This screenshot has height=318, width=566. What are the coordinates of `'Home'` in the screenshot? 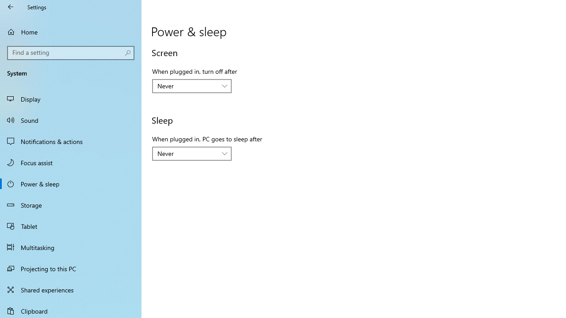 It's located at (71, 31).